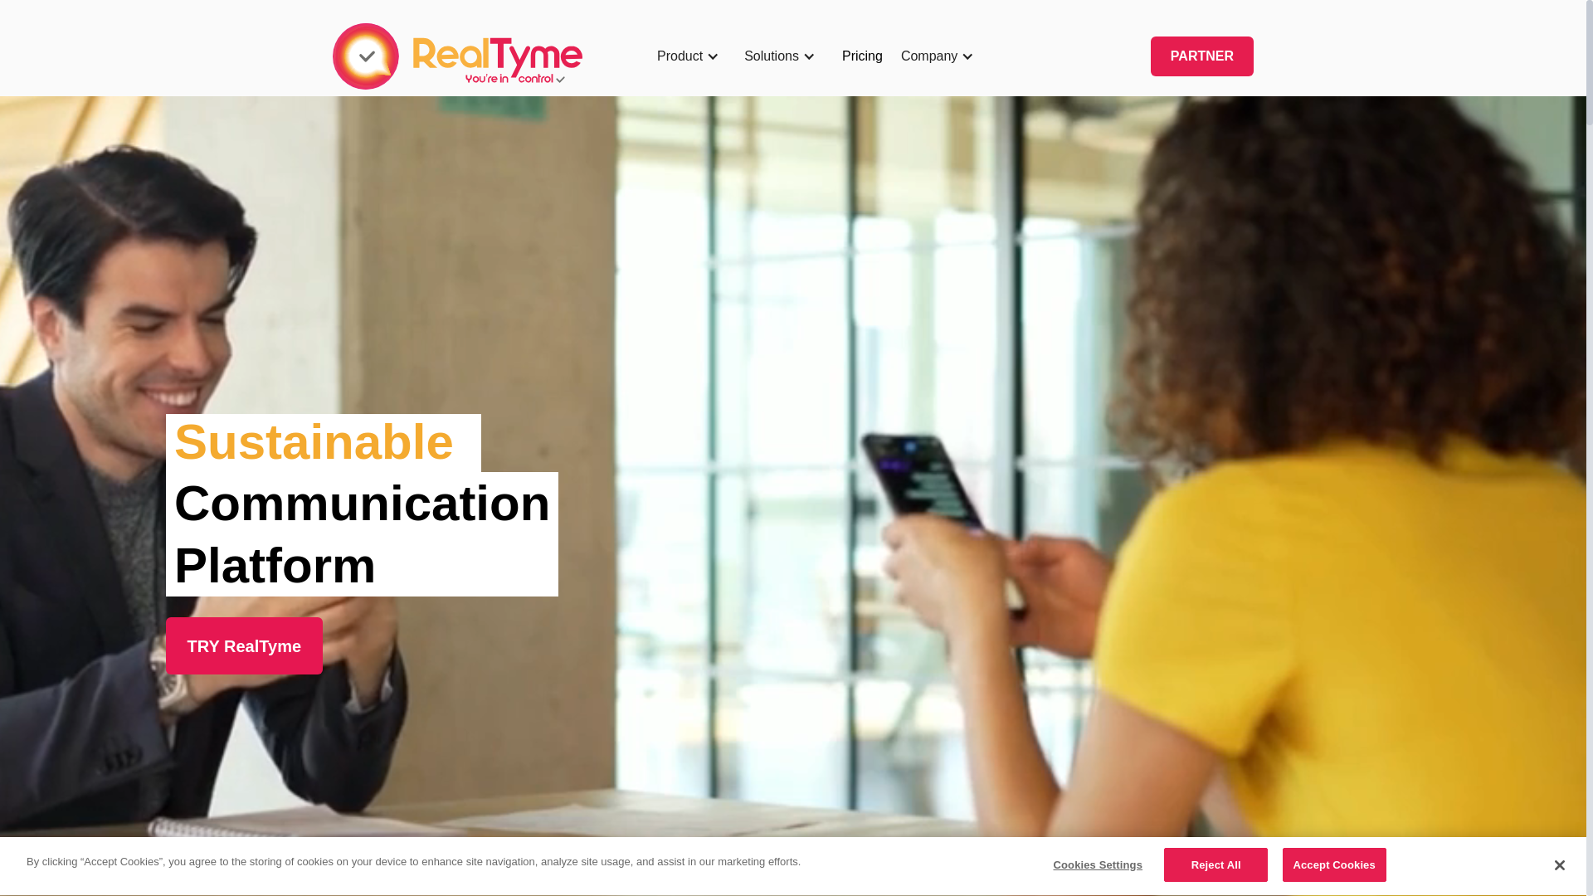 This screenshot has width=1593, height=896. What do you see at coordinates (1098, 864) in the screenshot?
I see `'Cookies Settings'` at bounding box center [1098, 864].